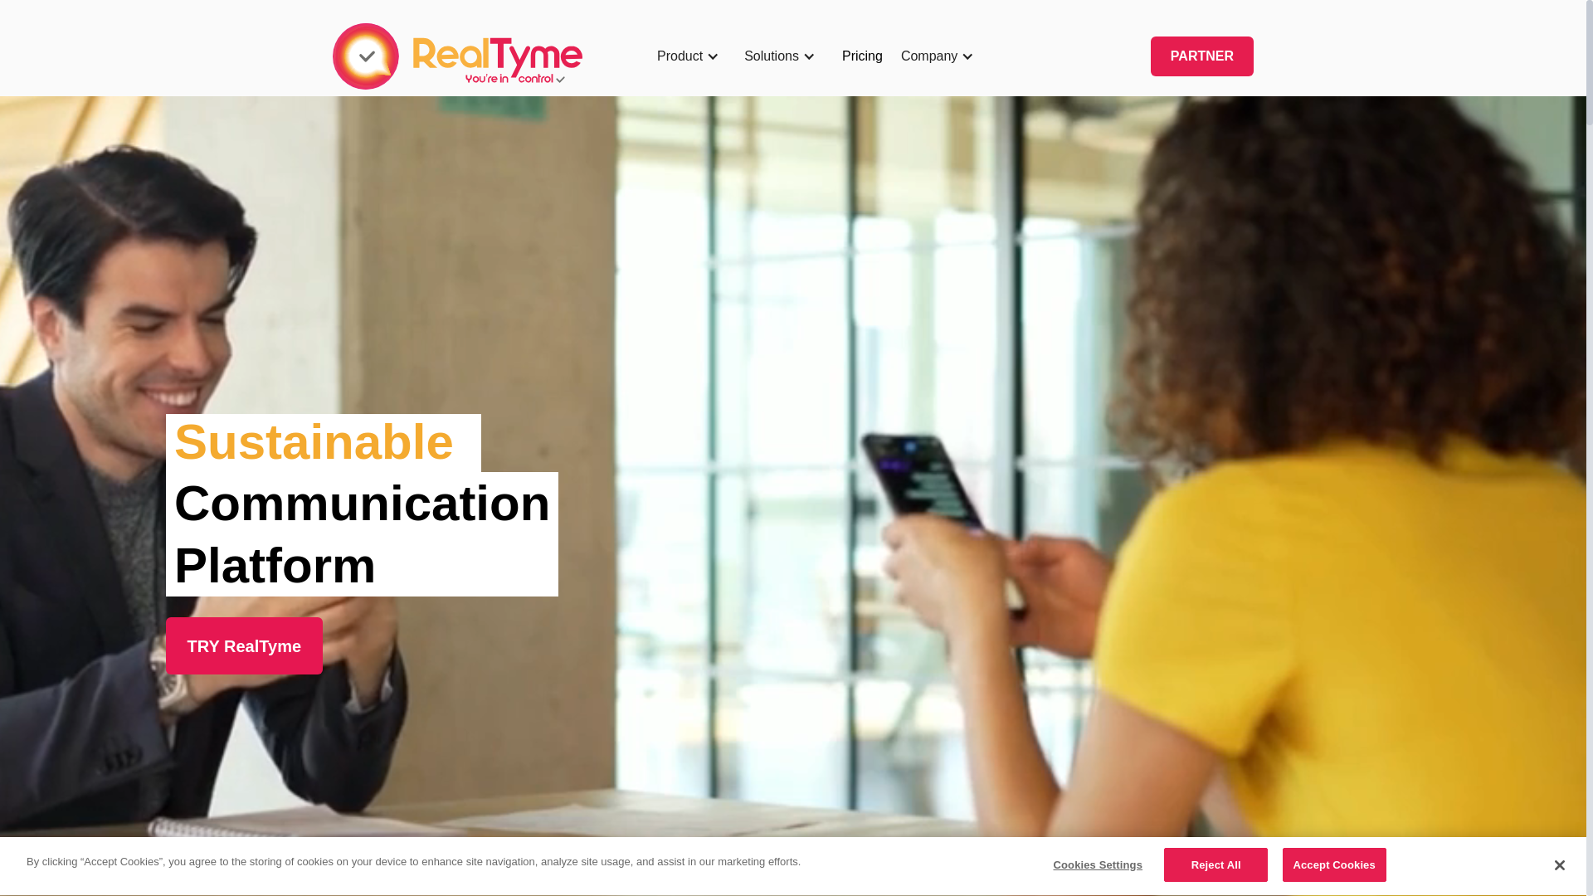 This screenshot has width=1593, height=896. What do you see at coordinates (1098, 864) in the screenshot?
I see `'Cookies Settings'` at bounding box center [1098, 864].